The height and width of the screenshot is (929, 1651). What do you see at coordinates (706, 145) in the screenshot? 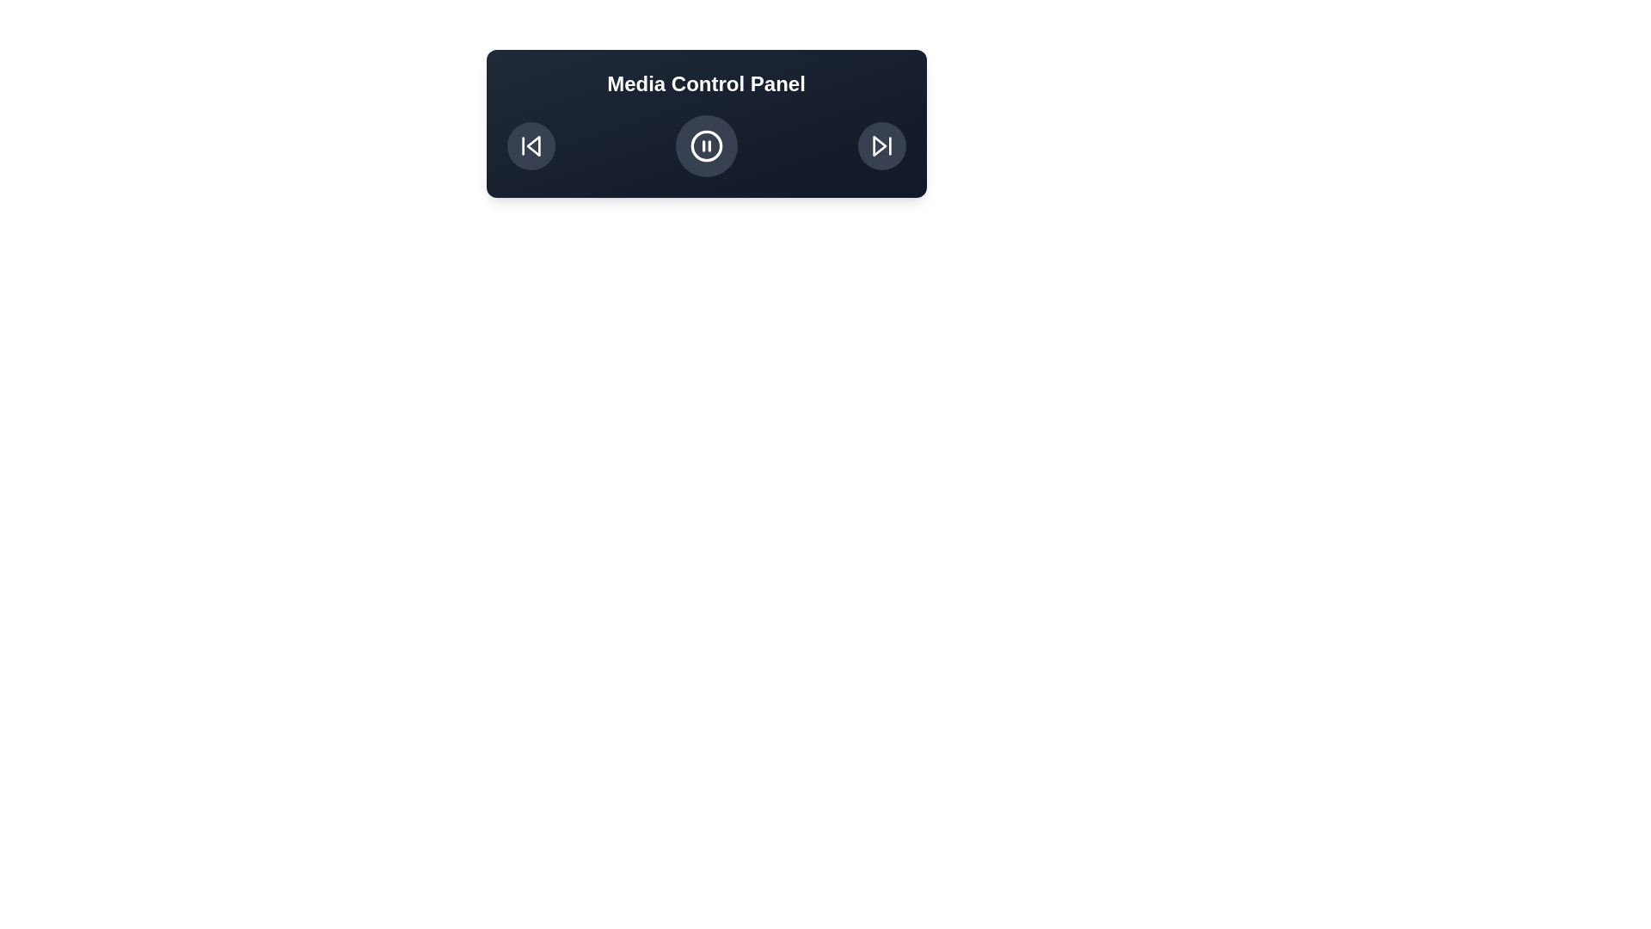
I see `the pause button located centrally within the media control panel` at bounding box center [706, 145].